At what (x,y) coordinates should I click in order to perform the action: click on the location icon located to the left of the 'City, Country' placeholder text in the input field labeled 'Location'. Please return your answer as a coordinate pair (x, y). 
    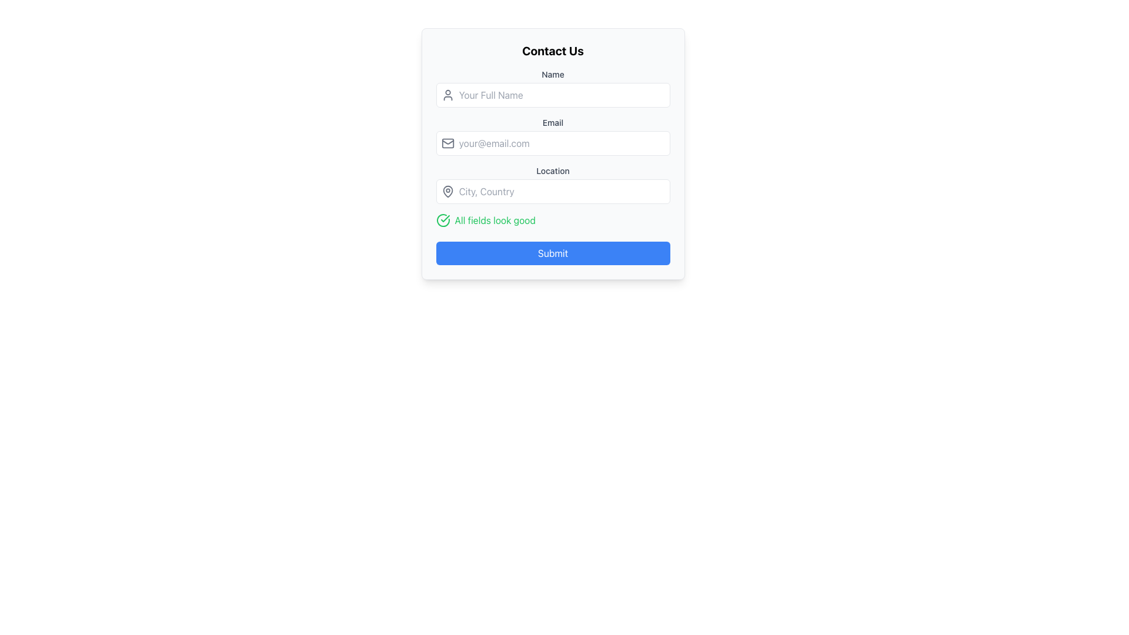
    Looking at the image, I should click on (447, 191).